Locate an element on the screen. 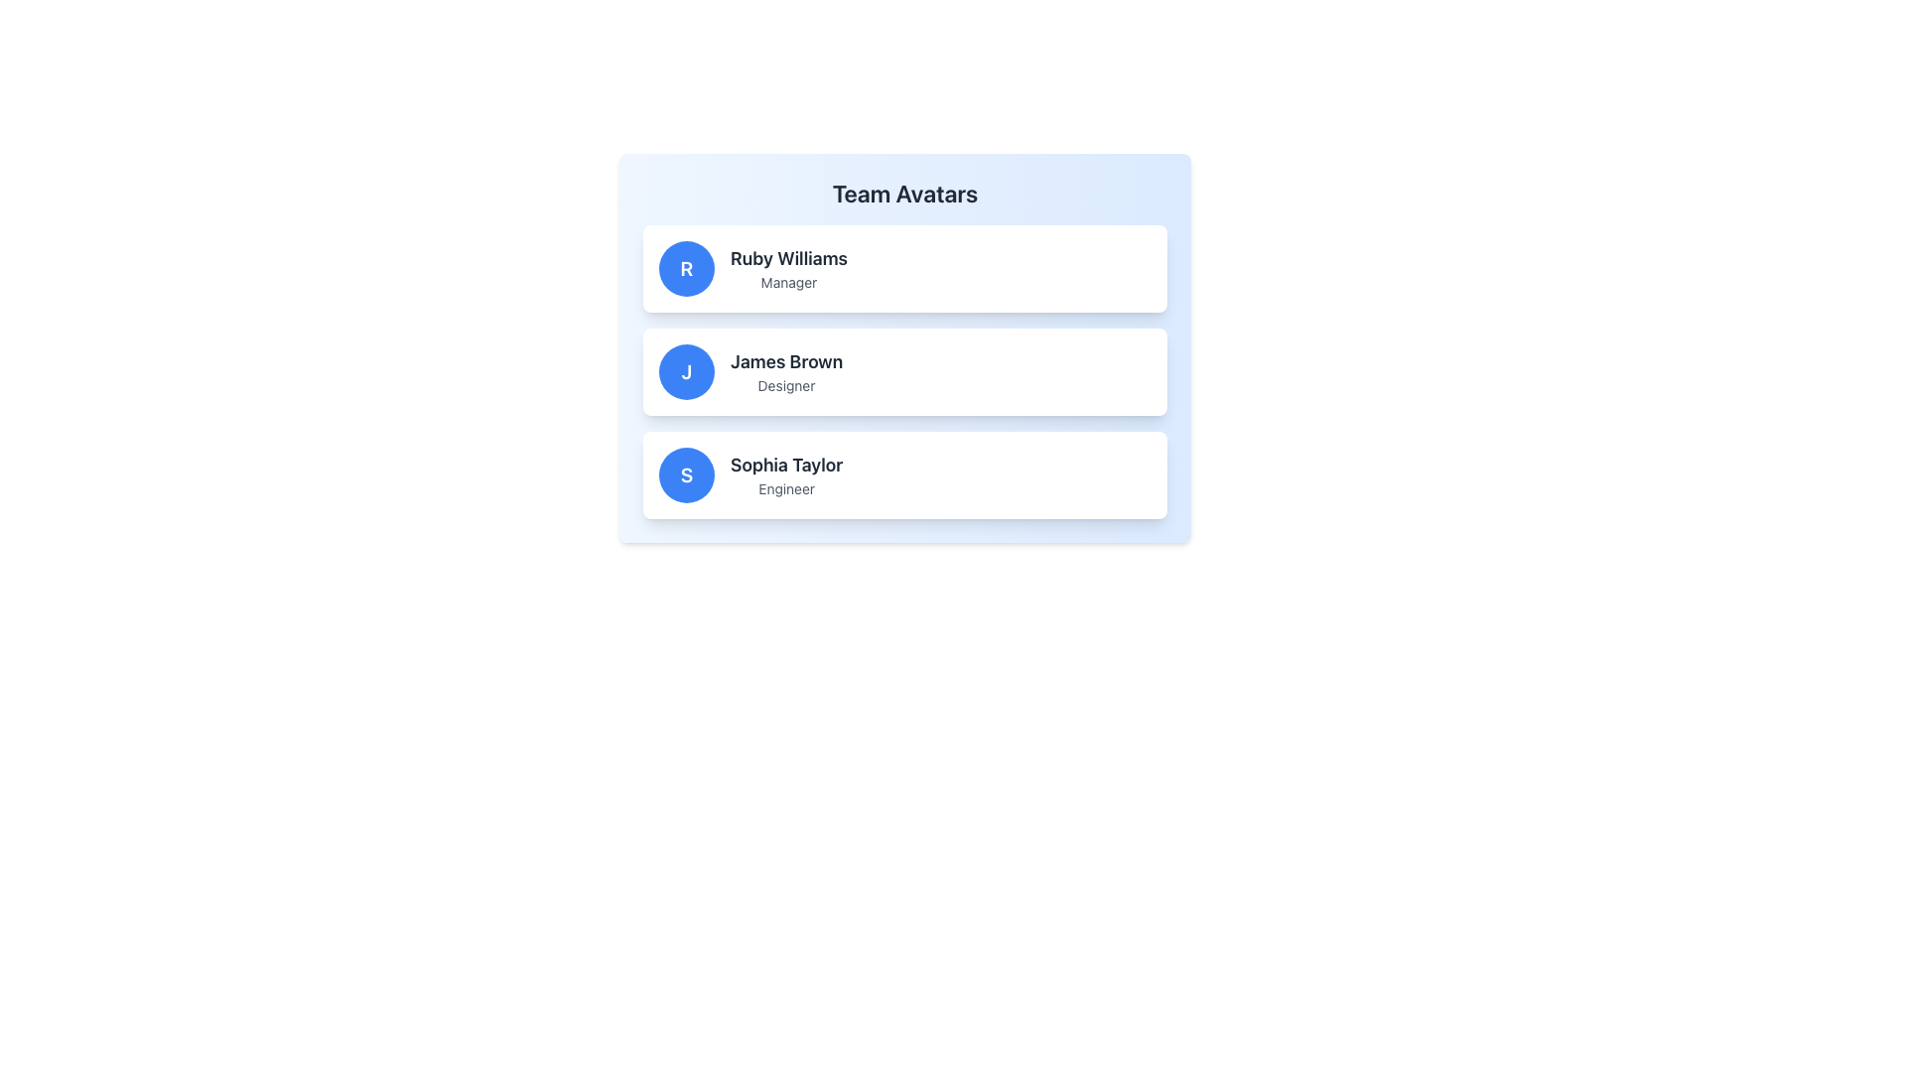  the text label 'Sophia Taylor' which is styled in bold and dark gray, located in the bottom card of the 'Team Avatars' group, above the 'Engineer' label is located at coordinates (785, 466).